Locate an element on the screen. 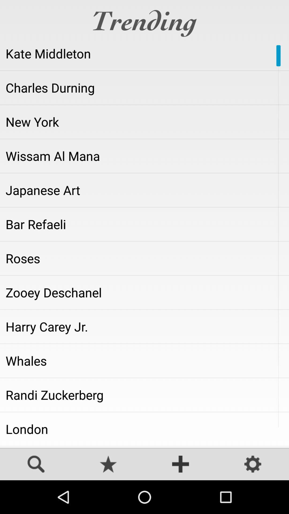  app below zooey deschanel icon is located at coordinates (144, 326).